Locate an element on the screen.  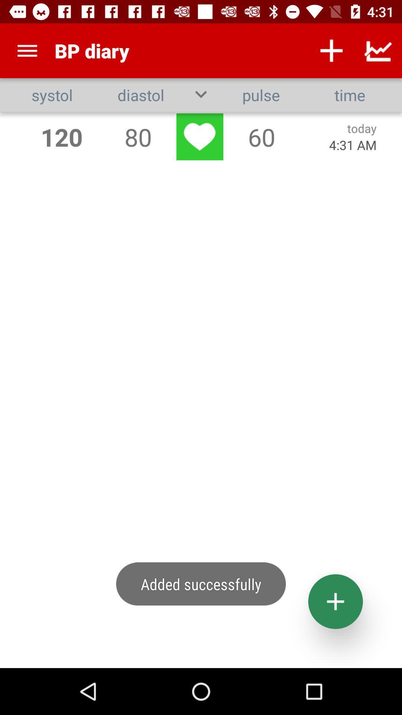
icon next to the bp diary is located at coordinates (27, 50).